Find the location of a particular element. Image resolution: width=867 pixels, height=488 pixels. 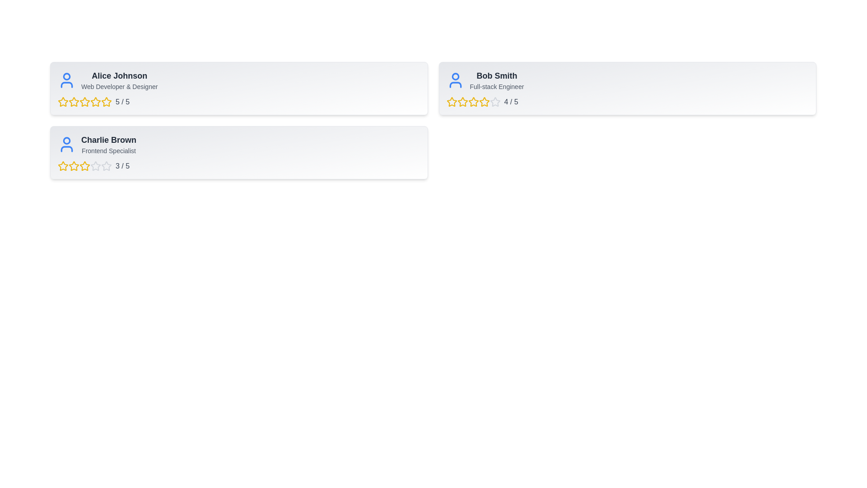

the 4 star for the user Bob Smith to set their rating is located at coordinates (484, 102).